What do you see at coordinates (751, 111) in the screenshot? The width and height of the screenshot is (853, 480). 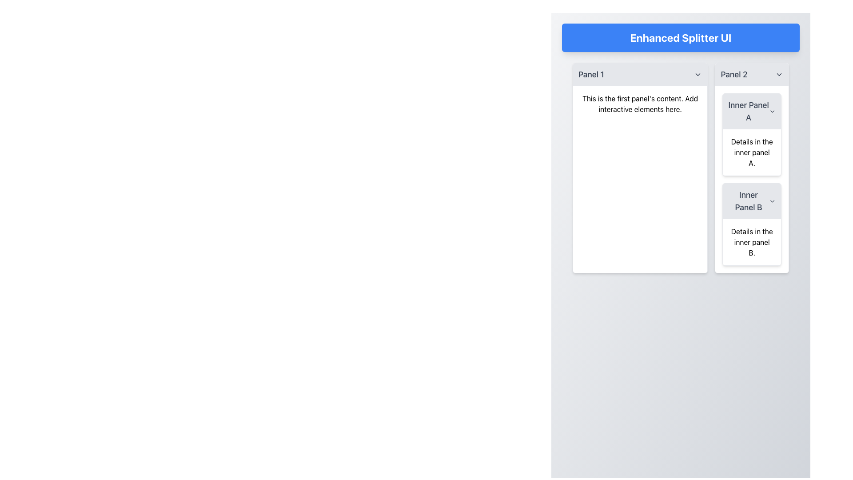 I see `the Collapsible Panel Header that has a light gray background, rounded corners, and contains the text 'Inner Panel A' with a downward-facing arrow icon` at bounding box center [751, 111].